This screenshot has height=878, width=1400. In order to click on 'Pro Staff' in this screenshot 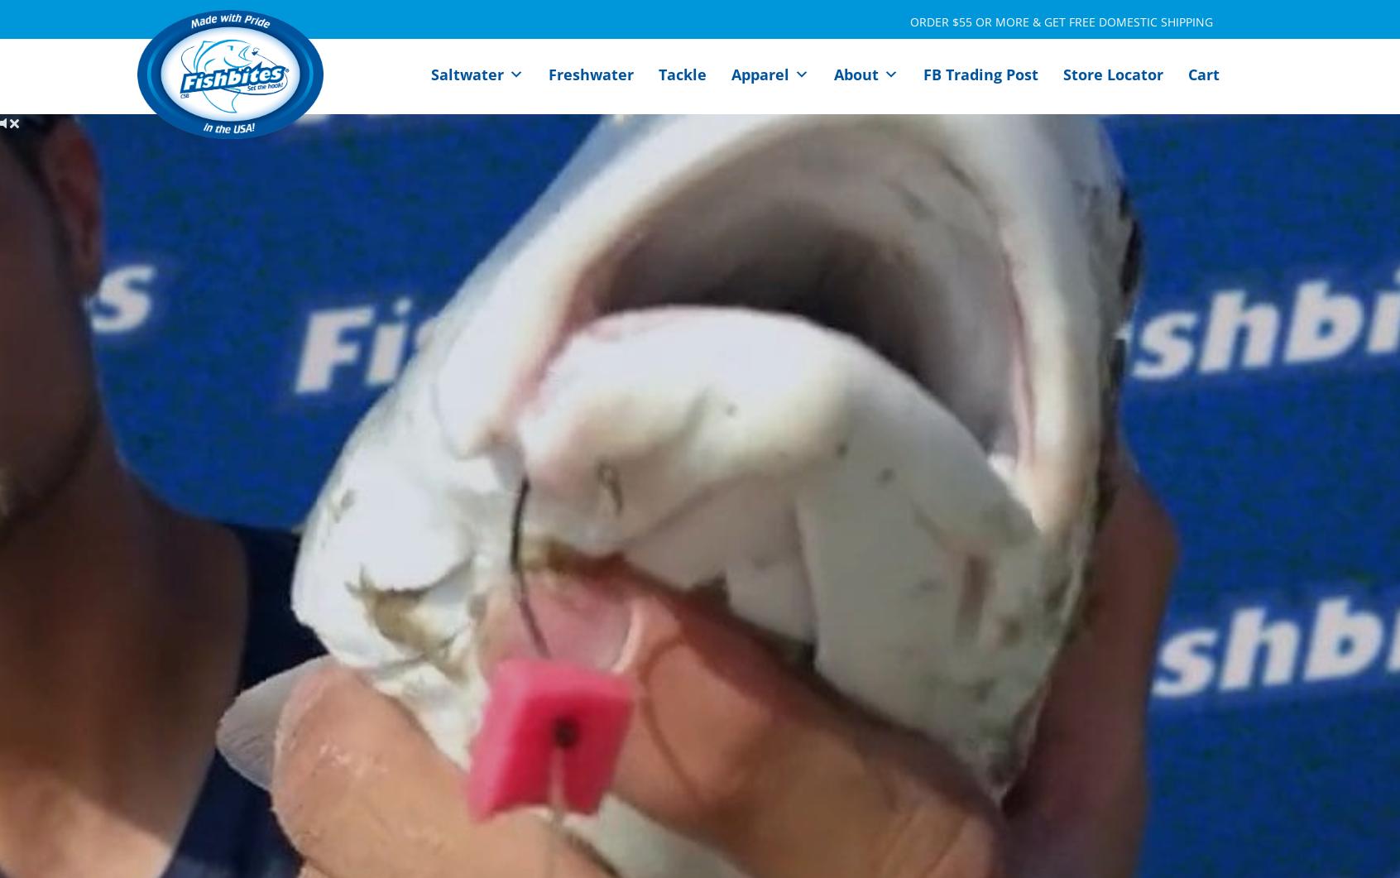, I will do `click(879, 126)`.